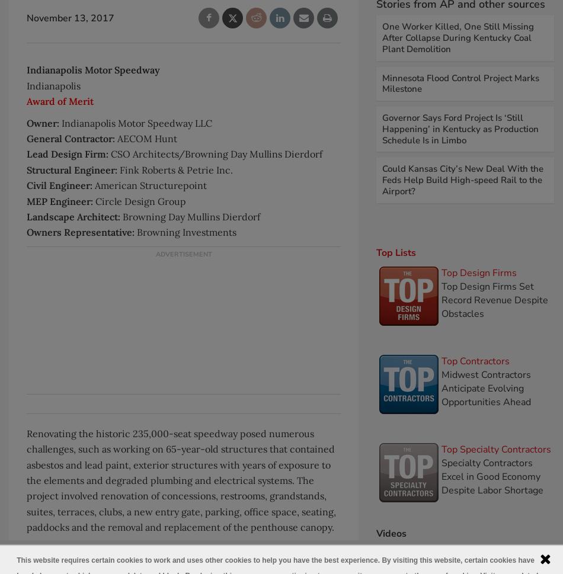  Describe the element at coordinates (149, 184) in the screenshot. I see `'American Structurepoint'` at that location.